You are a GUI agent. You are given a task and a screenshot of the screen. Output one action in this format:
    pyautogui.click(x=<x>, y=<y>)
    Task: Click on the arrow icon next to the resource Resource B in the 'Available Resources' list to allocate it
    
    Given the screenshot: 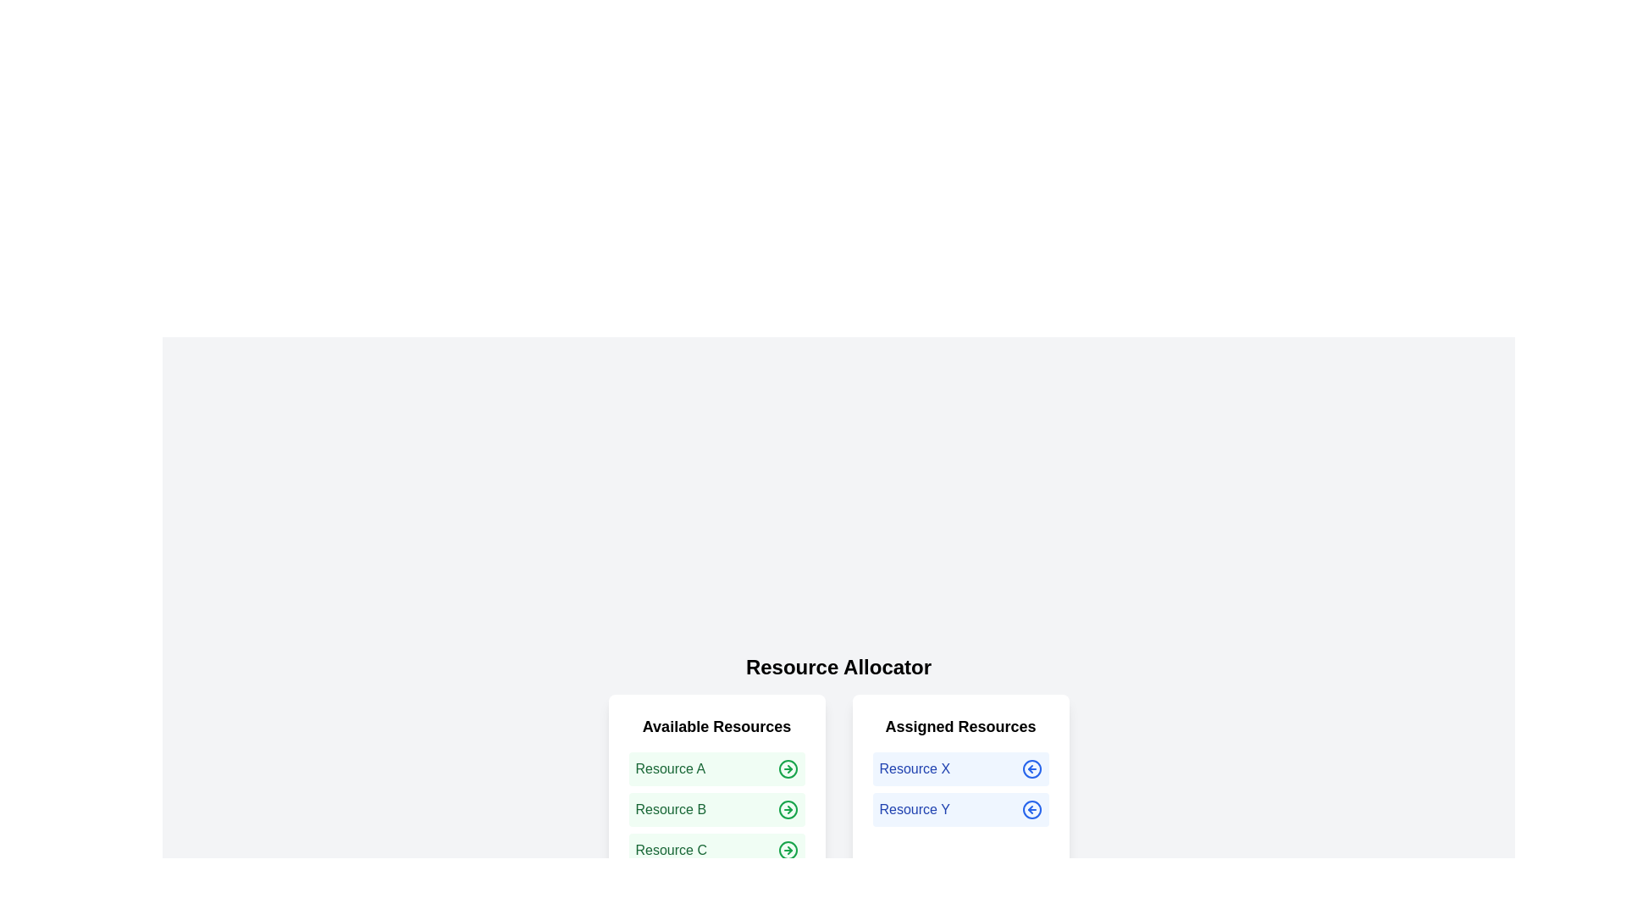 What is the action you would take?
    pyautogui.click(x=787, y=809)
    